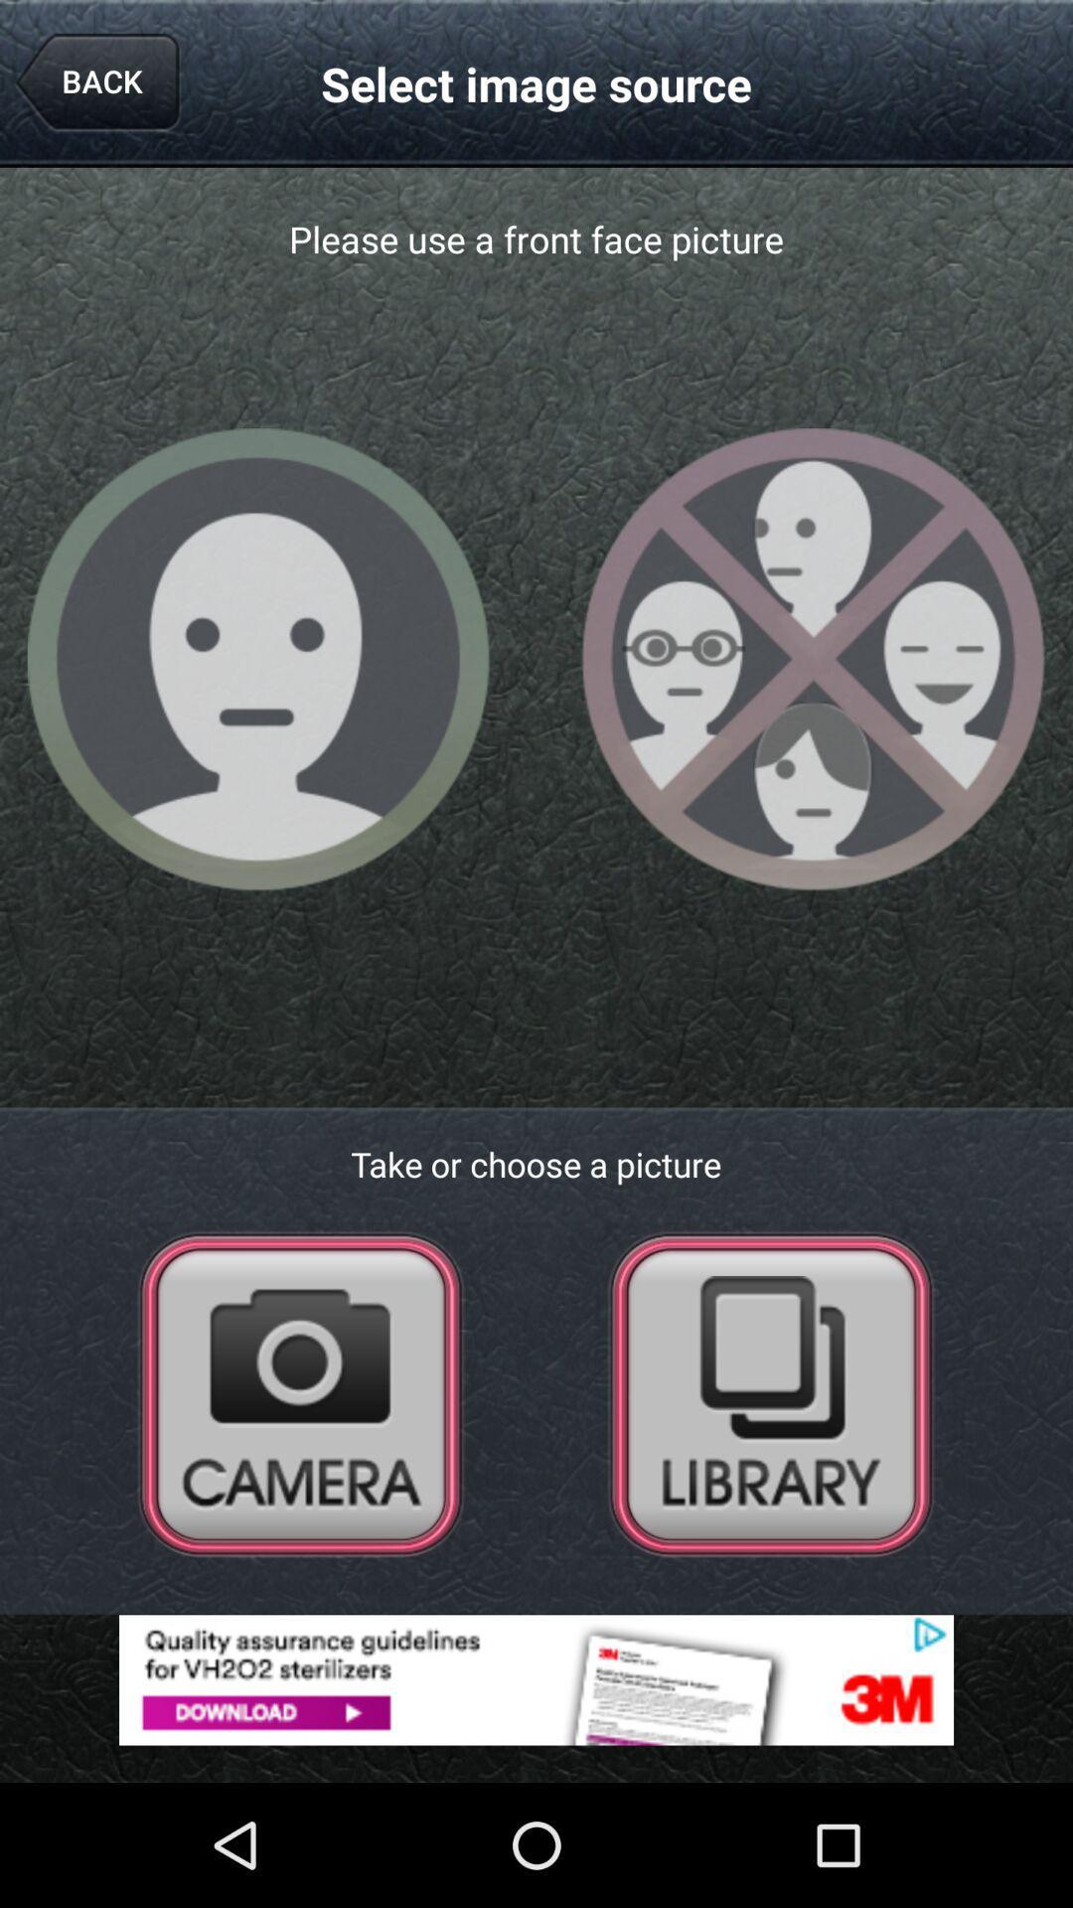  I want to click on open advertisement, so click(536, 1678).